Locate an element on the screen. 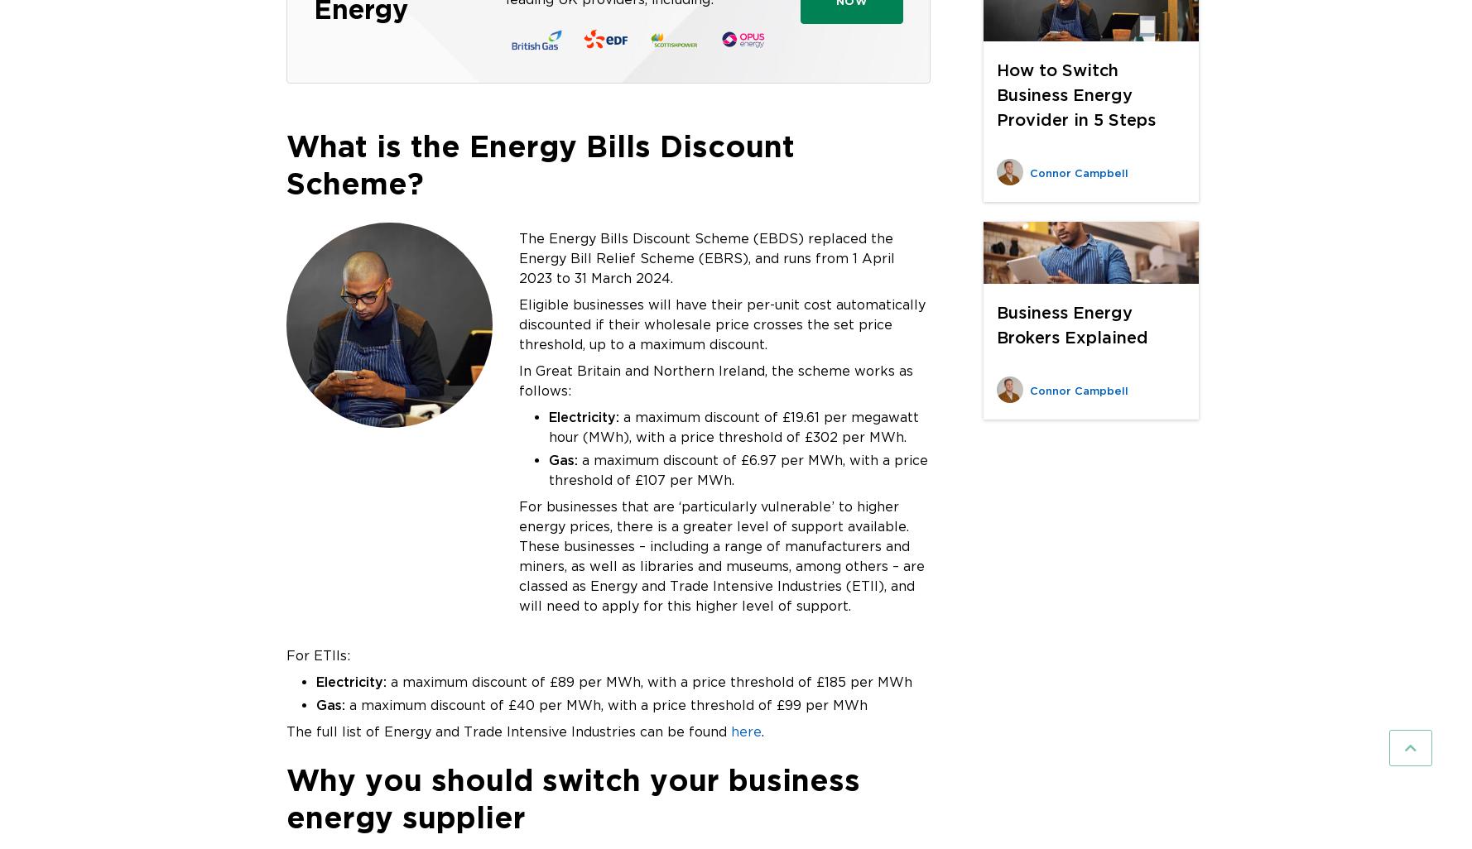 Image resolution: width=1472 pixels, height=849 pixels. 'Back To Top' is located at coordinates (1326, 746).